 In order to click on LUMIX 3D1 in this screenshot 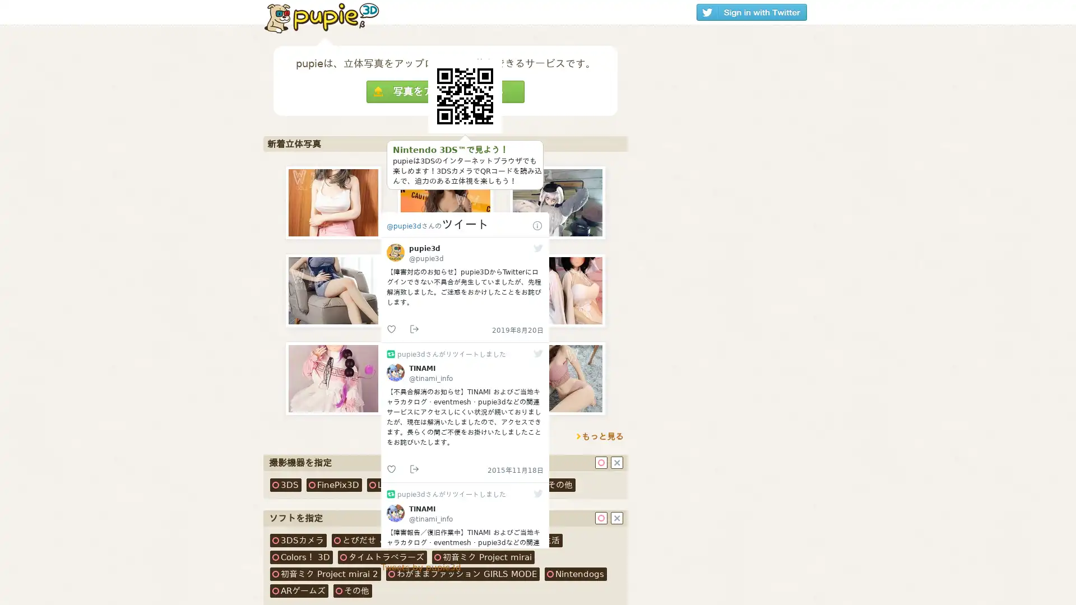, I will do `click(397, 485)`.